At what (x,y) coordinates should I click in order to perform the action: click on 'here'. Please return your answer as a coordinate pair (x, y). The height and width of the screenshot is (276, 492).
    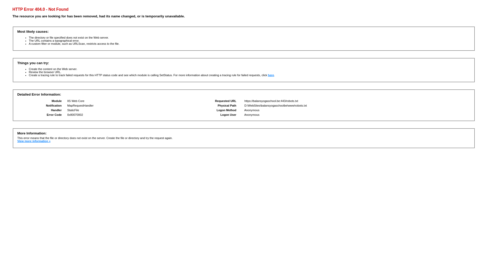
    Looking at the image, I should click on (271, 75).